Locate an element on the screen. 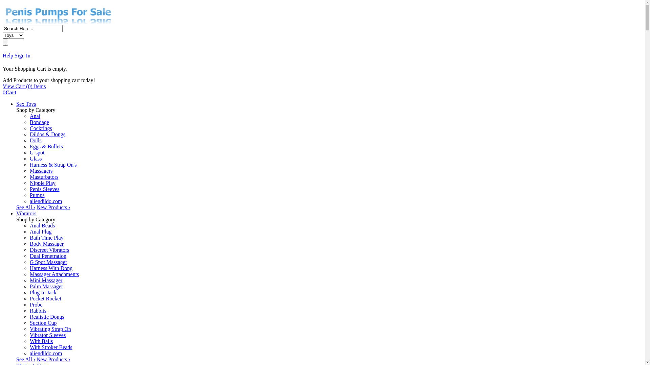 The height and width of the screenshot is (365, 650). 'Sign In' is located at coordinates (22, 55).